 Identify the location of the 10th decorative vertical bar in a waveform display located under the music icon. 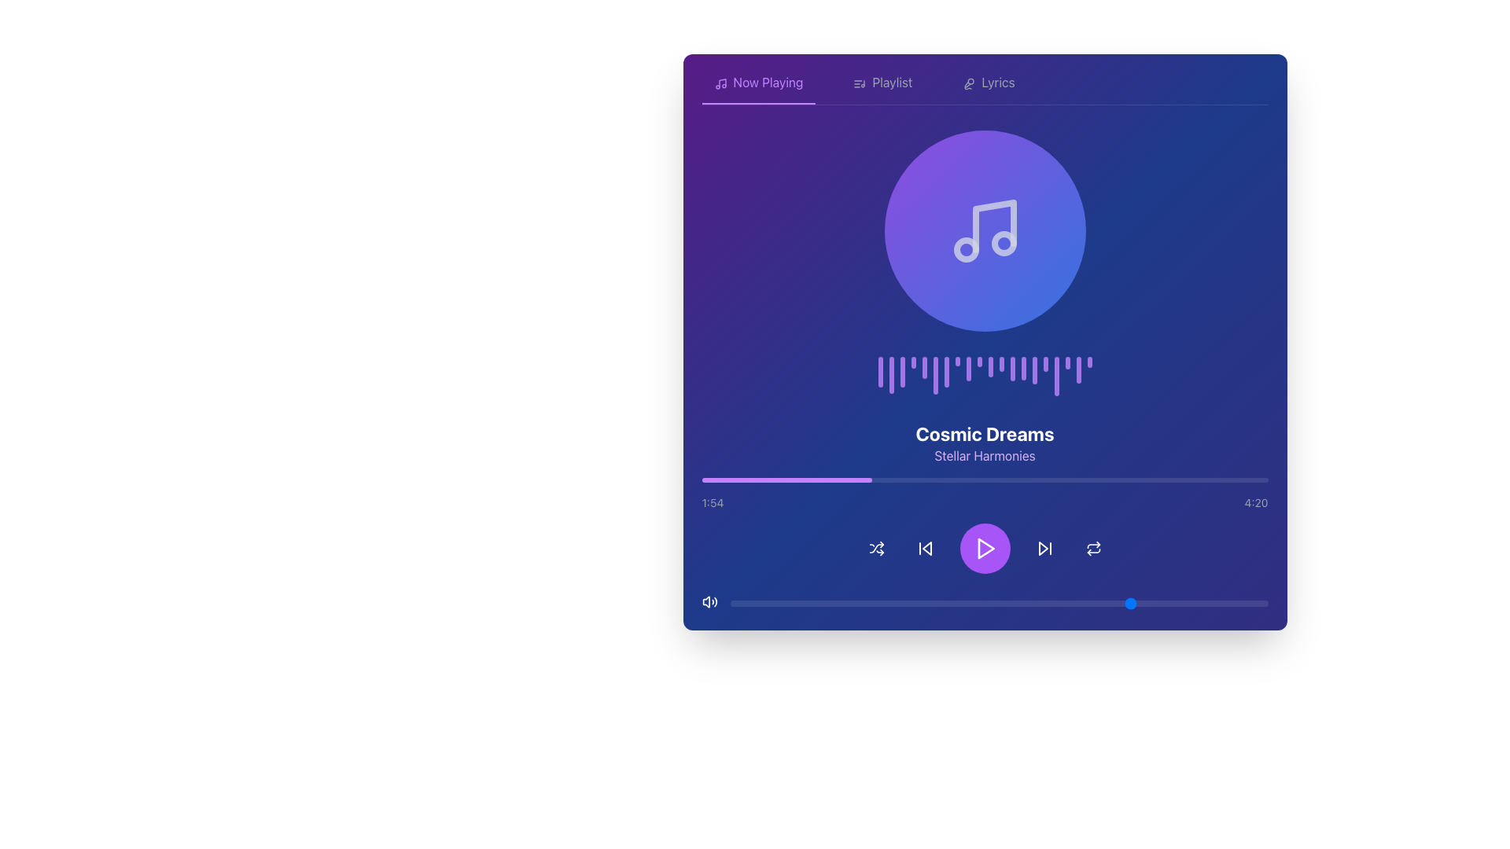
(978, 362).